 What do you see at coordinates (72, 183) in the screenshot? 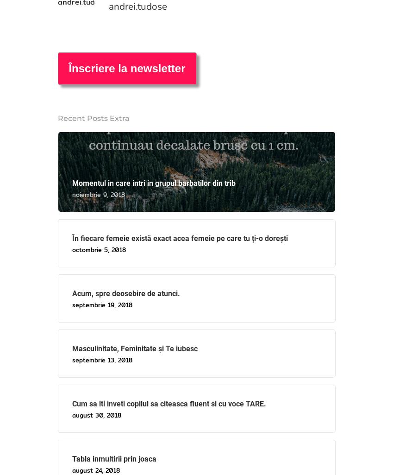
I see `'Momentul in care intri in grupul barbatilor din trib'` at bounding box center [72, 183].